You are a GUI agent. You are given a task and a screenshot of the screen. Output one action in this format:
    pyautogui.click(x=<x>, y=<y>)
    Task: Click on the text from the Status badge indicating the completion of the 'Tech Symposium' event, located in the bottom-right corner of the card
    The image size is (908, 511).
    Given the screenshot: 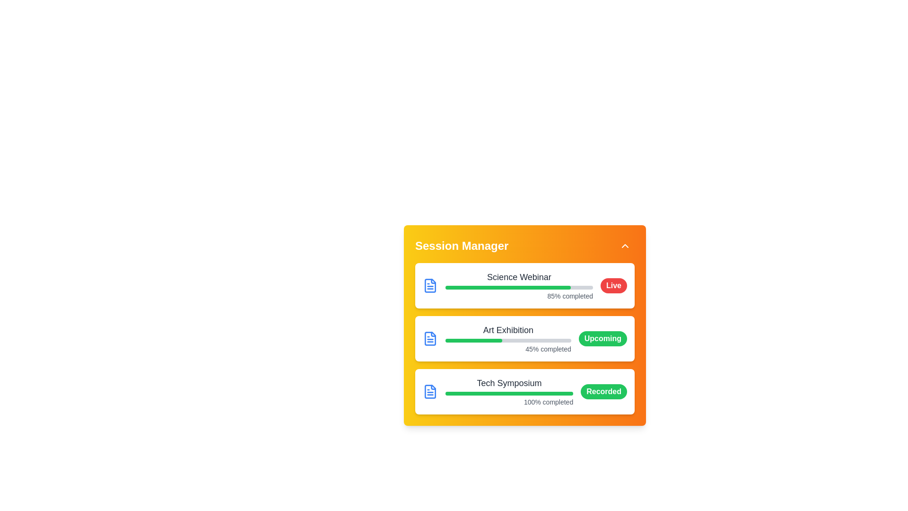 What is the action you would take?
    pyautogui.click(x=603, y=392)
    